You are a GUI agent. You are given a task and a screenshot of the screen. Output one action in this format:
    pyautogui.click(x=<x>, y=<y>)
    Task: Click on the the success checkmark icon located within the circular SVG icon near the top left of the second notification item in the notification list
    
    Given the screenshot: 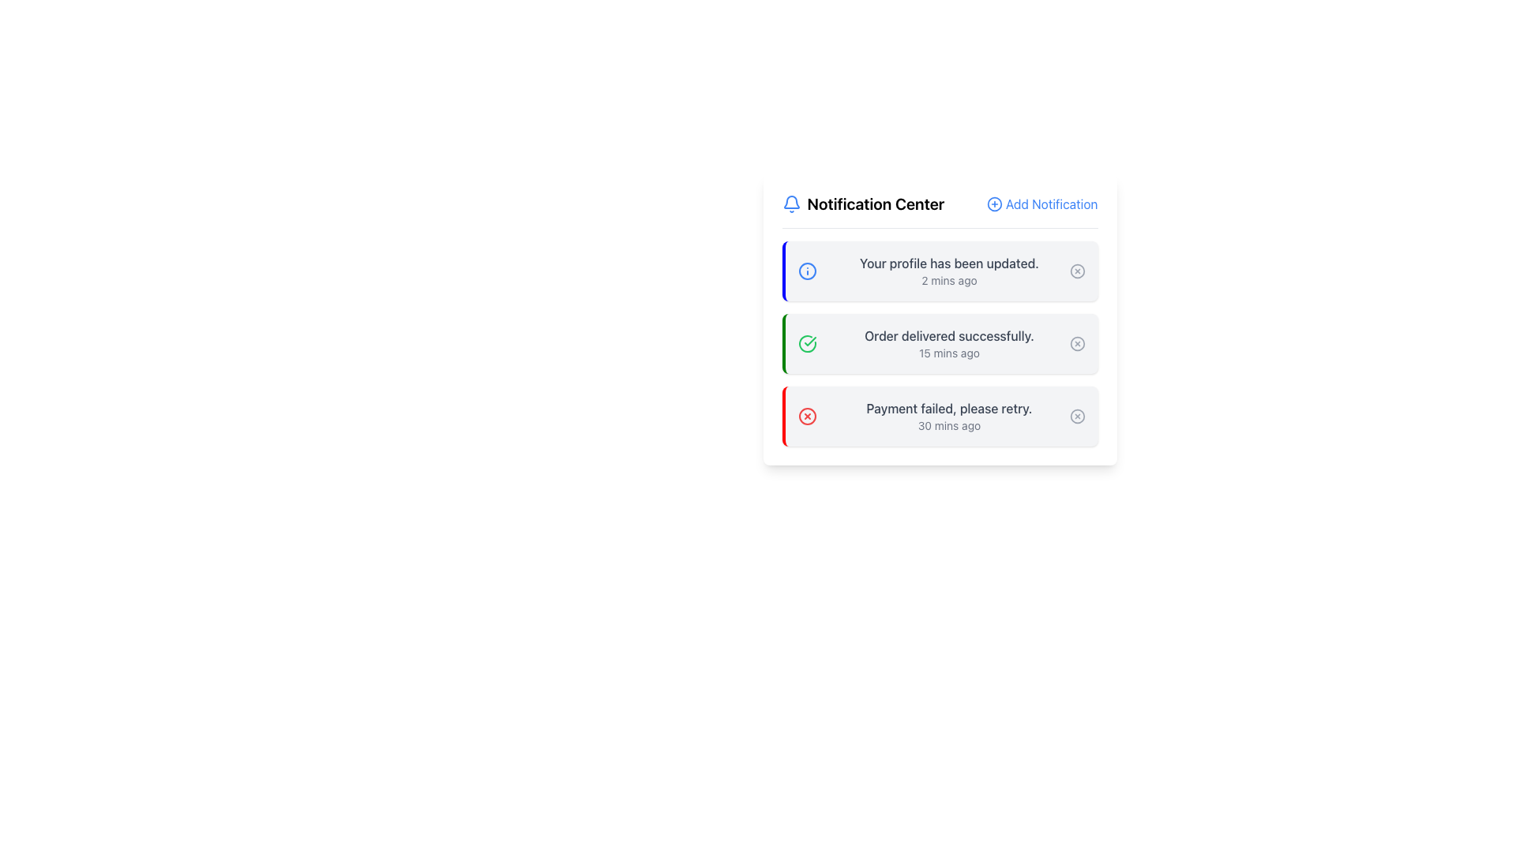 What is the action you would take?
    pyautogui.click(x=810, y=340)
    